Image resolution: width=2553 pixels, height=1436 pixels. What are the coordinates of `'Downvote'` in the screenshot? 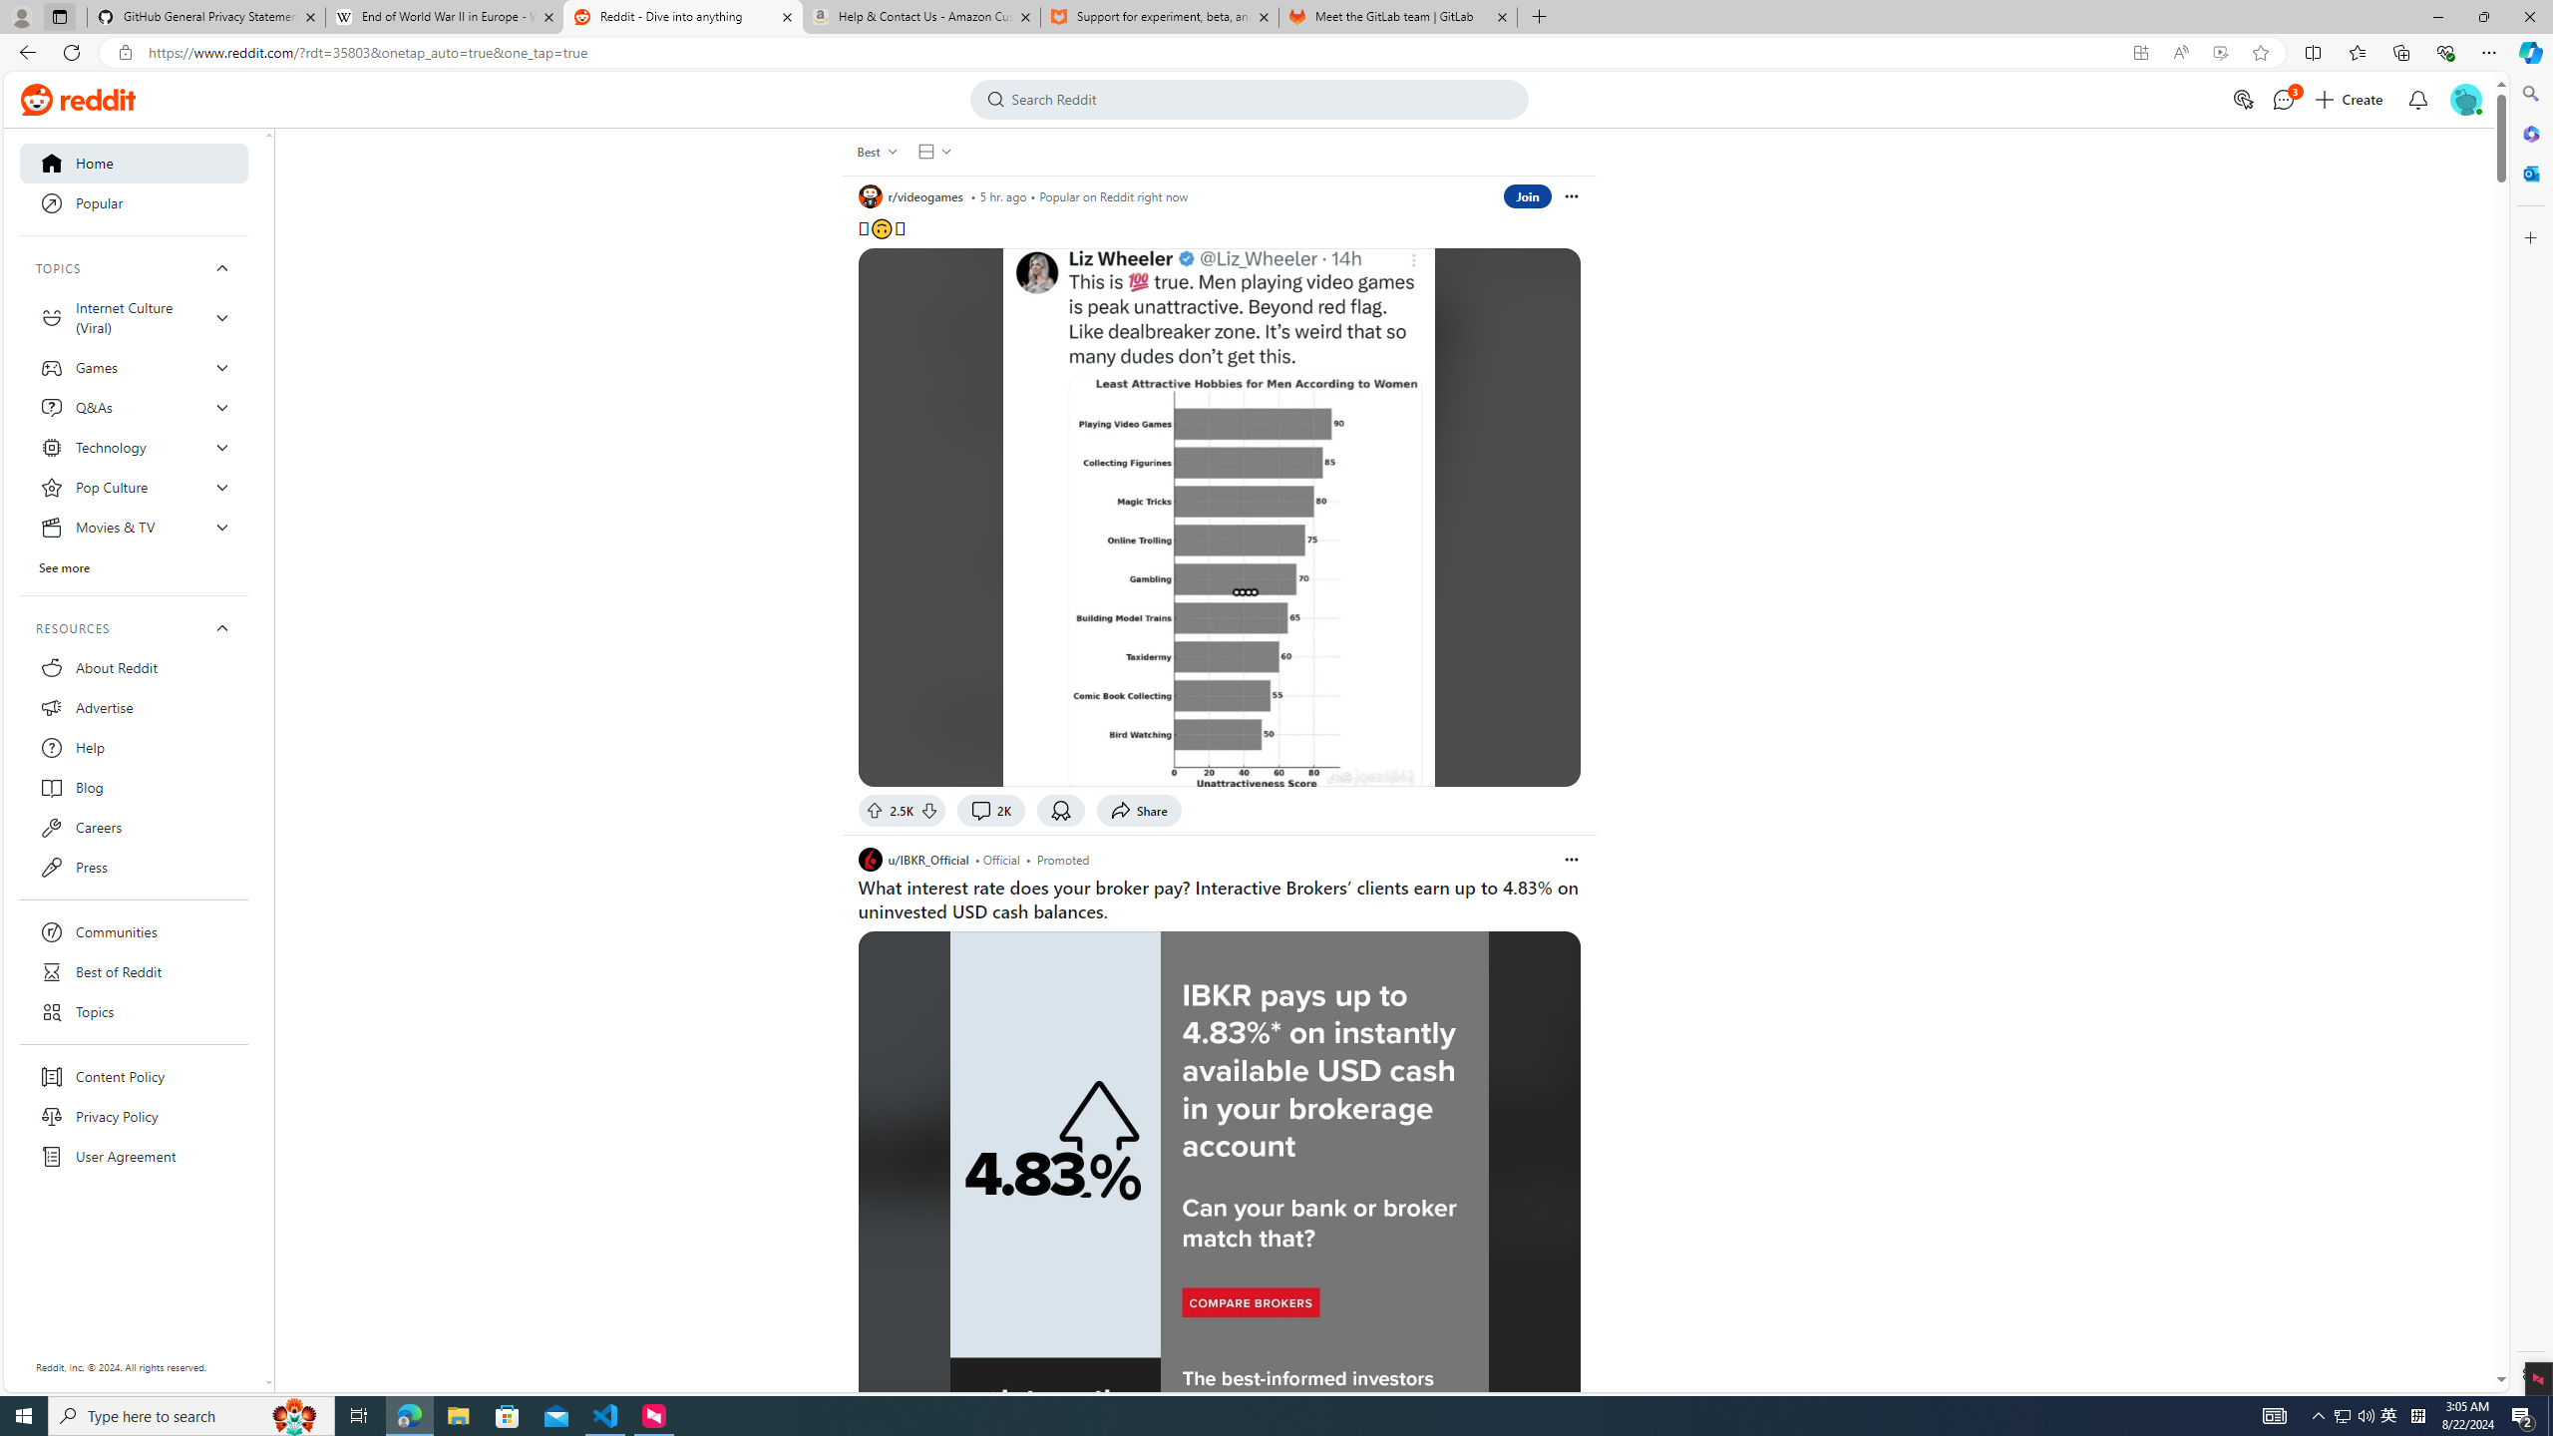 It's located at (930, 809).